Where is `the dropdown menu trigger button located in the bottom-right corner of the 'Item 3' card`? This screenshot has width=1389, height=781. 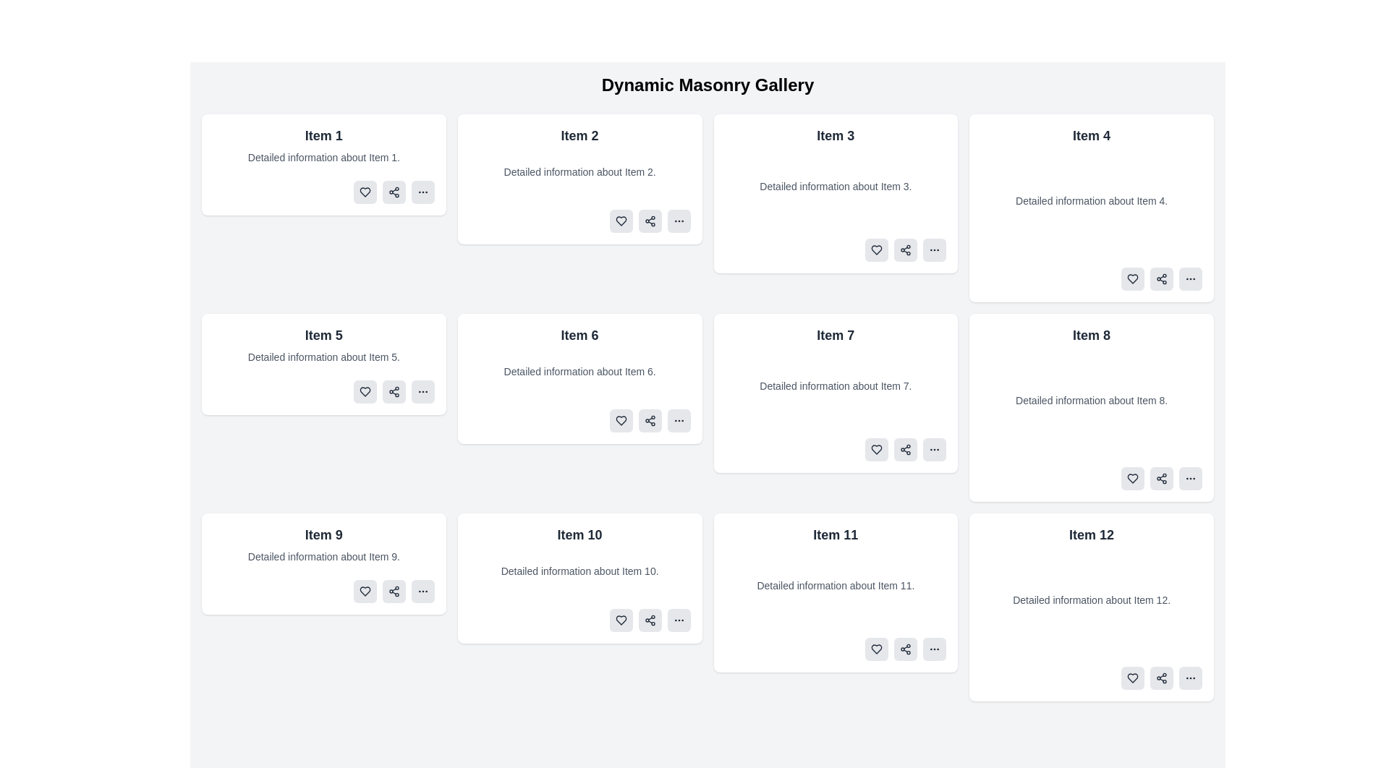
the dropdown menu trigger button located in the bottom-right corner of the 'Item 3' card is located at coordinates (934, 249).